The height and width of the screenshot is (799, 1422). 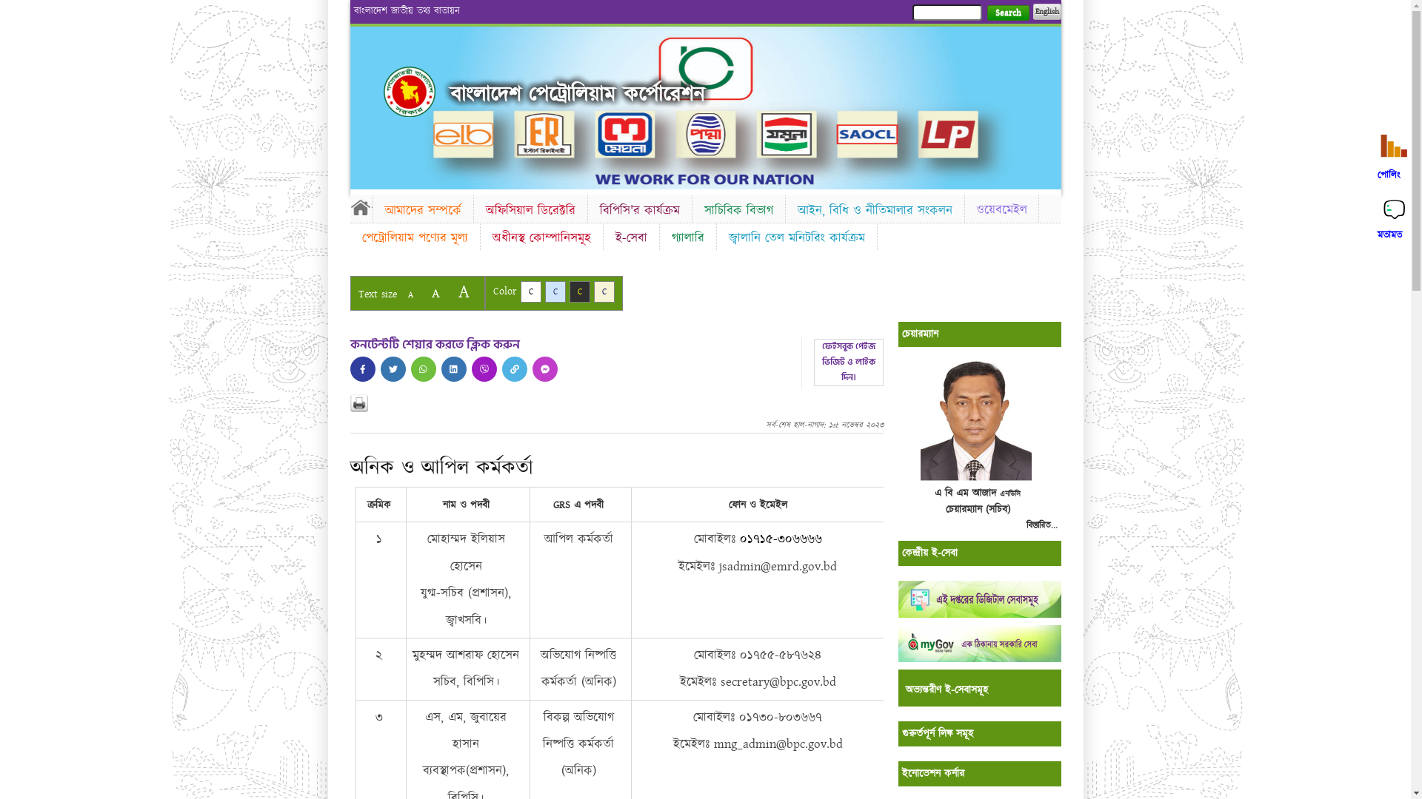 What do you see at coordinates (578, 291) in the screenshot?
I see `'C'` at bounding box center [578, 291].